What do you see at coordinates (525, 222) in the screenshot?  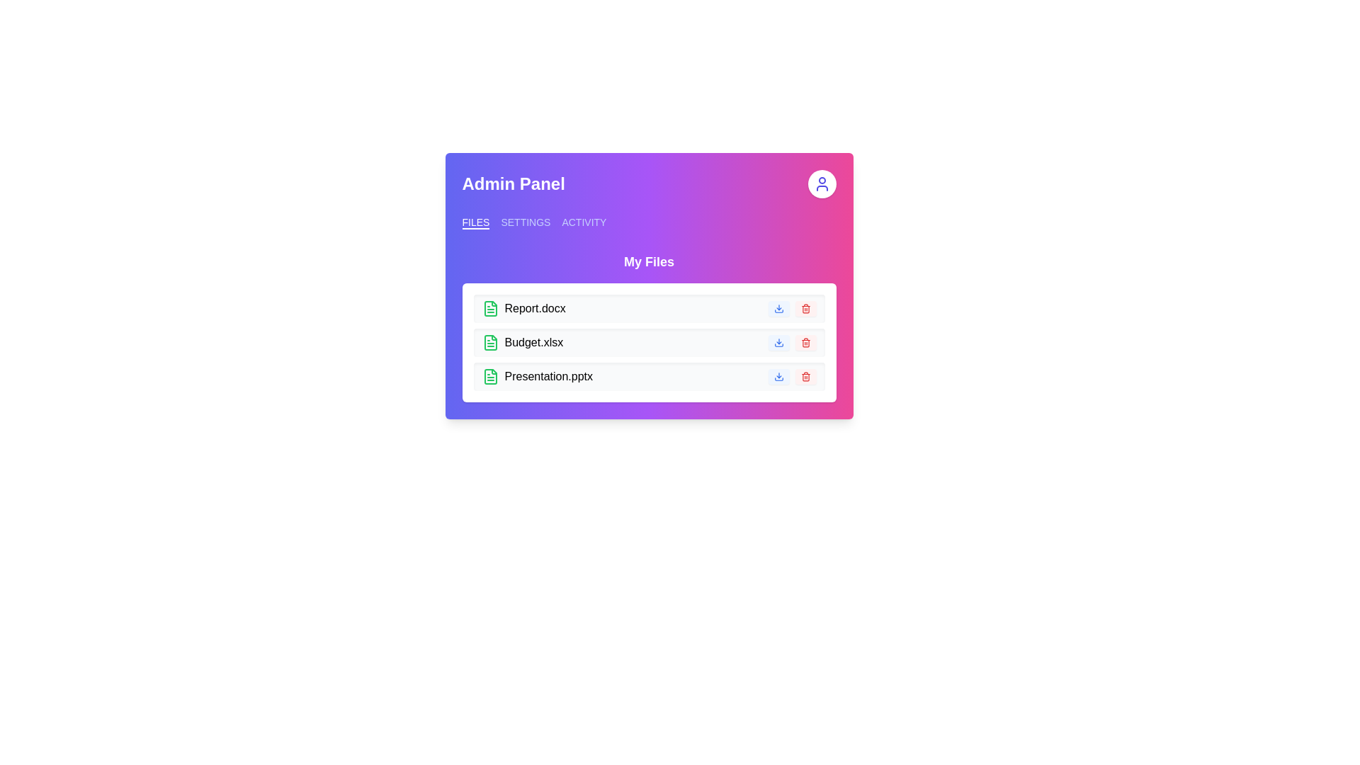 I see `the Navigation label located between the 'FILES' label and the 'ACTIVITY' label in the horizontal navigation bar` at bounding box center [525, 222].